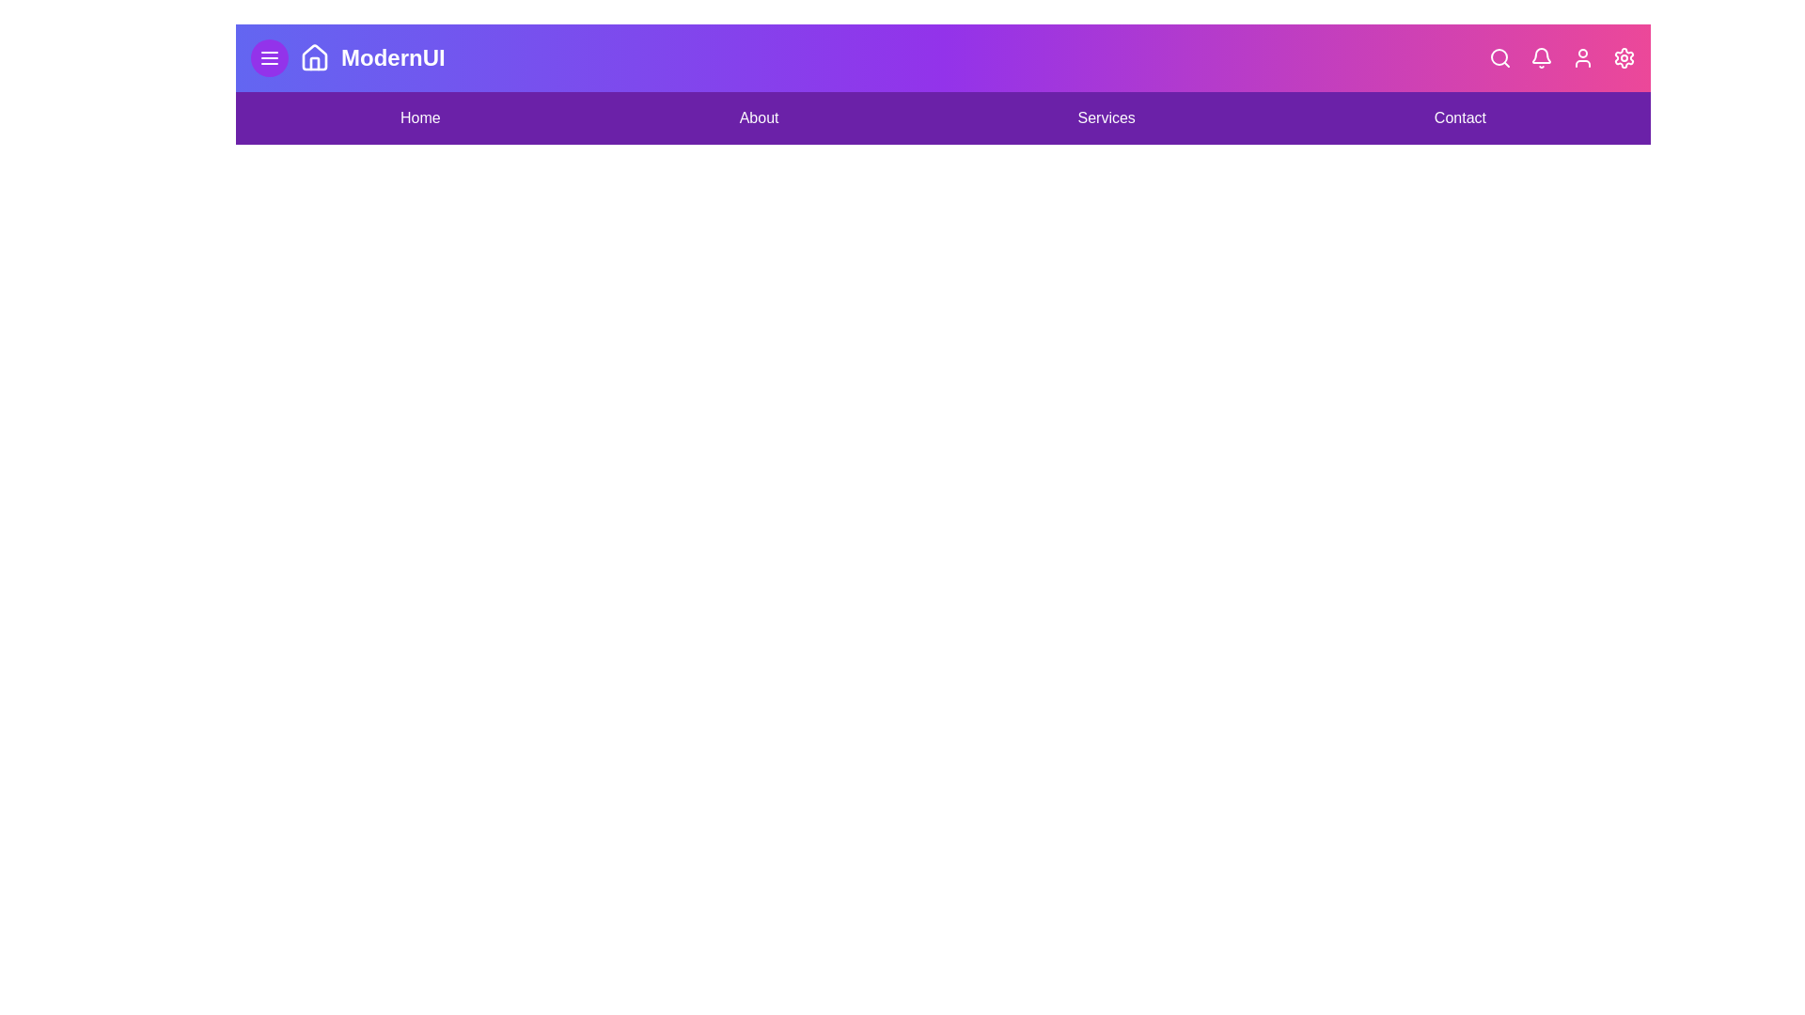 The image size is (1805, 1015). Describe the element at coordinates (269, 56) in the screenshot. I see `the menu button to toggle the menu visibility` at that location.